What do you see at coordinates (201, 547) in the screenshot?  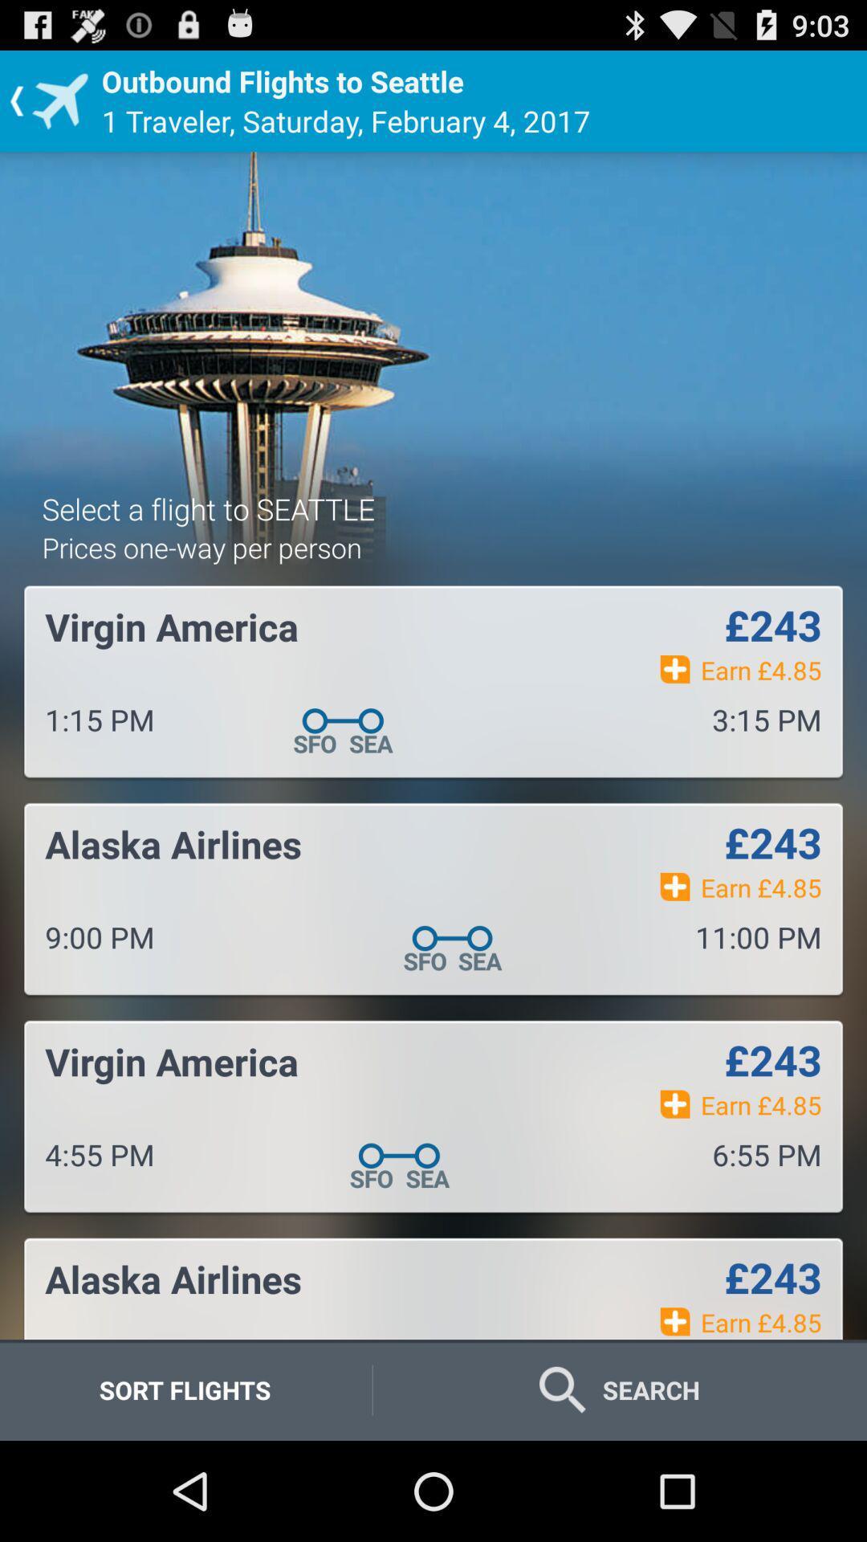 I see `prices one way item` at bounding box center [201, 547].